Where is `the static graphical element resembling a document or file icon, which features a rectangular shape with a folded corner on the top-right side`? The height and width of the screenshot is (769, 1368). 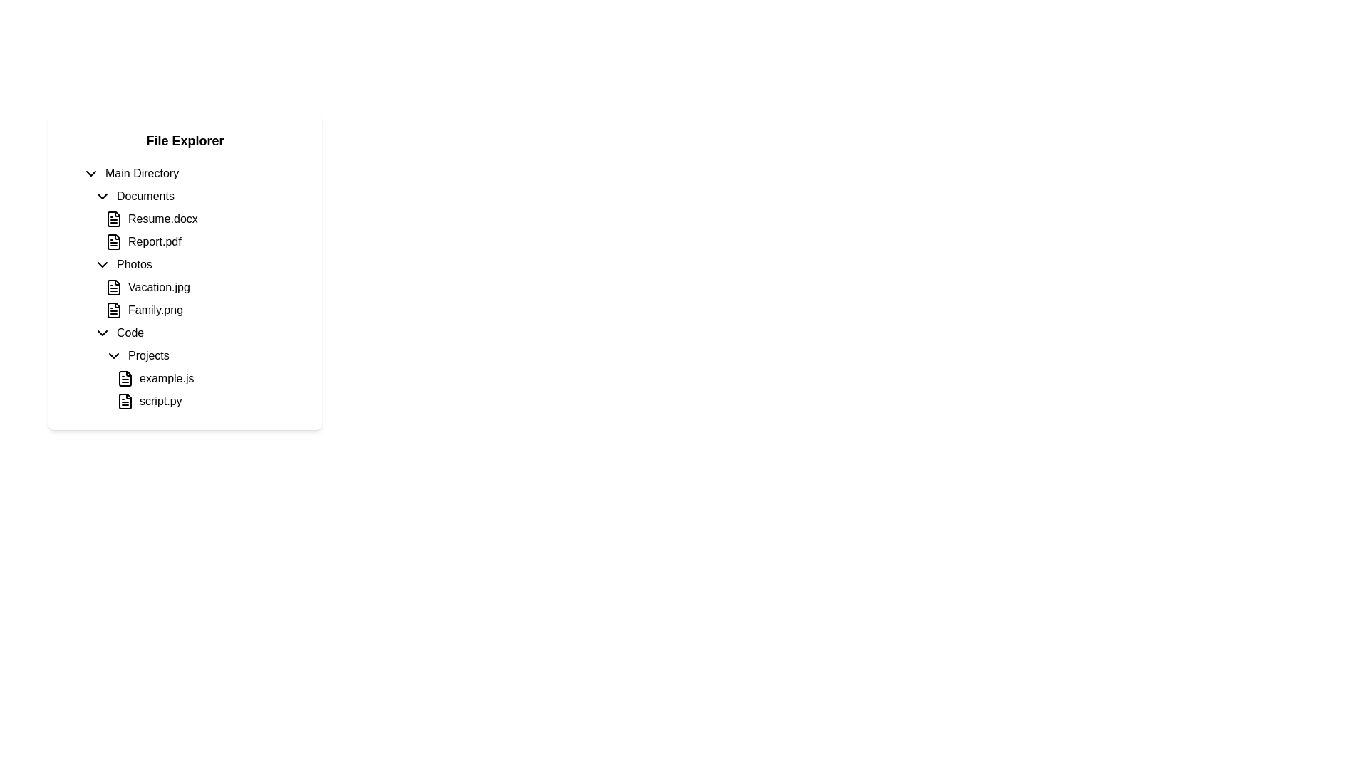 the static graphical element resembling a document or file icon, which features a rectangular shape with a folded corner on the top-right side is located at coordinates (113, 309).